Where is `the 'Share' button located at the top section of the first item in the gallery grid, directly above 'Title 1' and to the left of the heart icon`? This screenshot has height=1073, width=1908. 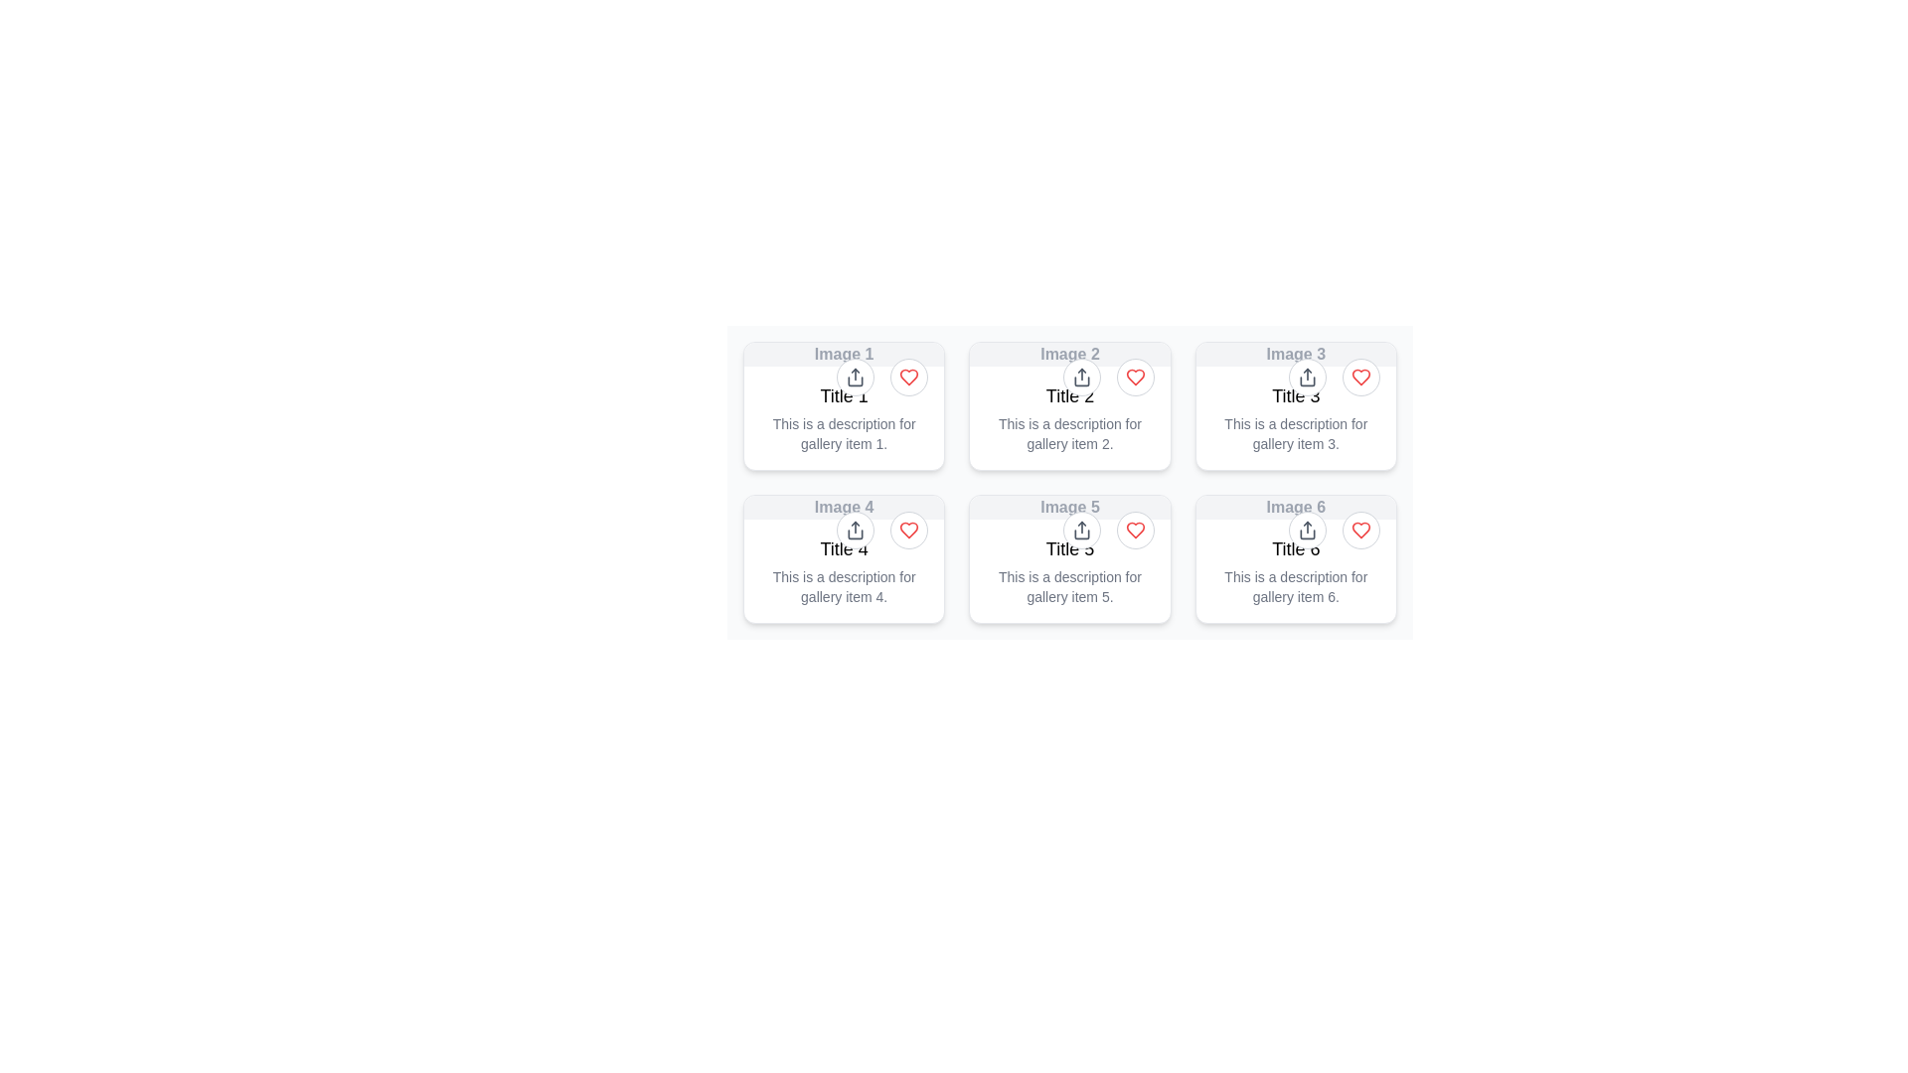 the 'Share' button located at the top section of the first item in the gallery grid, directly above 'Title 1' and to the left of the heart icon is located at coordinates (856, 378).